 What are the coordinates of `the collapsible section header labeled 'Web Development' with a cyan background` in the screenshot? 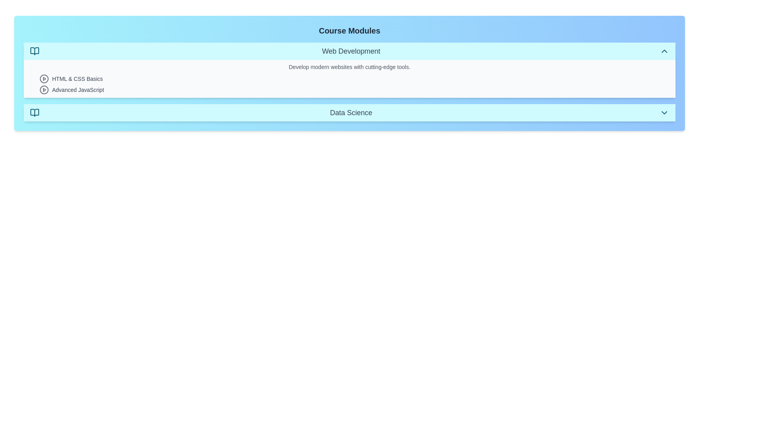 It's located at (349, 51).